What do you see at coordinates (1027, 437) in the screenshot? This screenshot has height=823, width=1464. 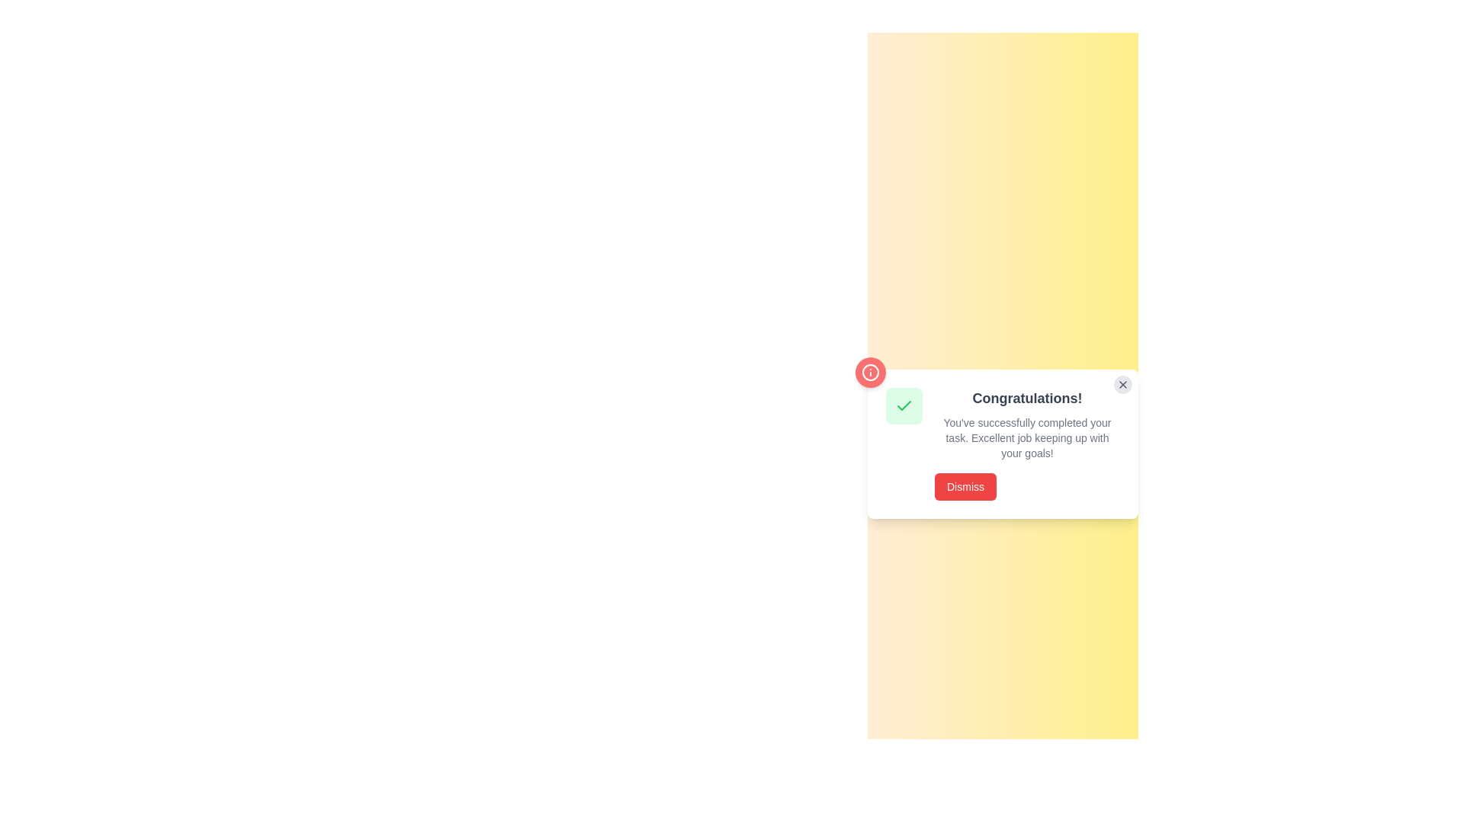 I see `text in the Text Block located below the 'Congratulations!' heading and above the 'Dismiss' button, which provides positive feedback confirming task completion` at bounding box center [1027, 437].